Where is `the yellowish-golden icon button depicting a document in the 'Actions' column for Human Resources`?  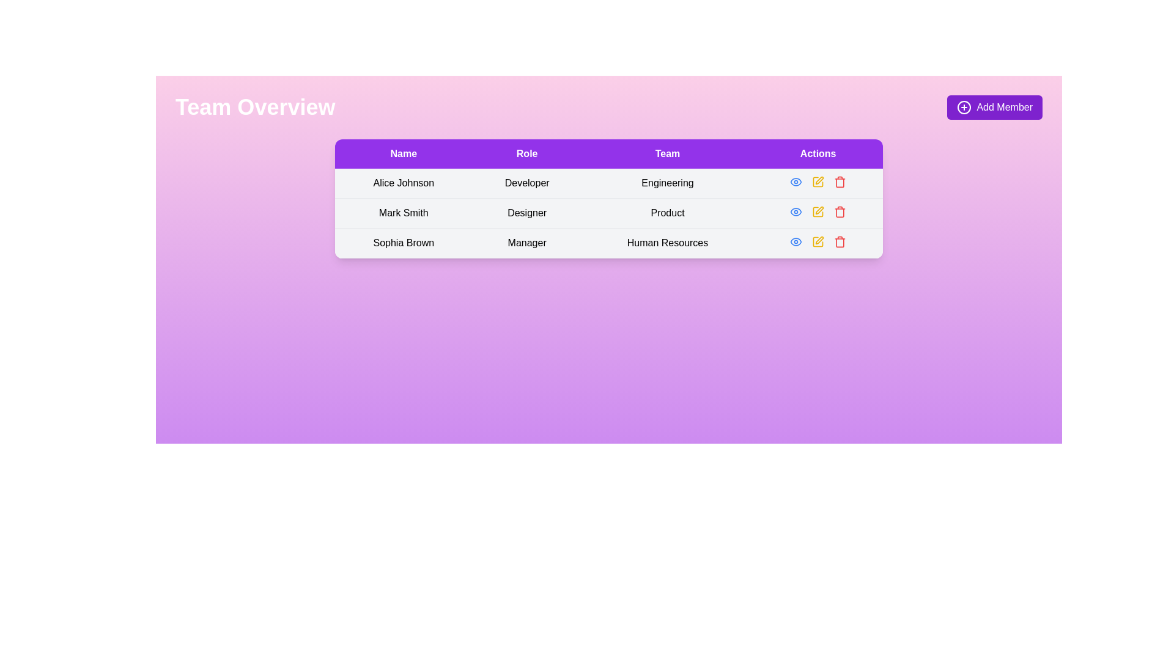
the yellowish-golden icon button depicting a document in the 'Actions' column for Human Resources is located at coordinates (818, 242).